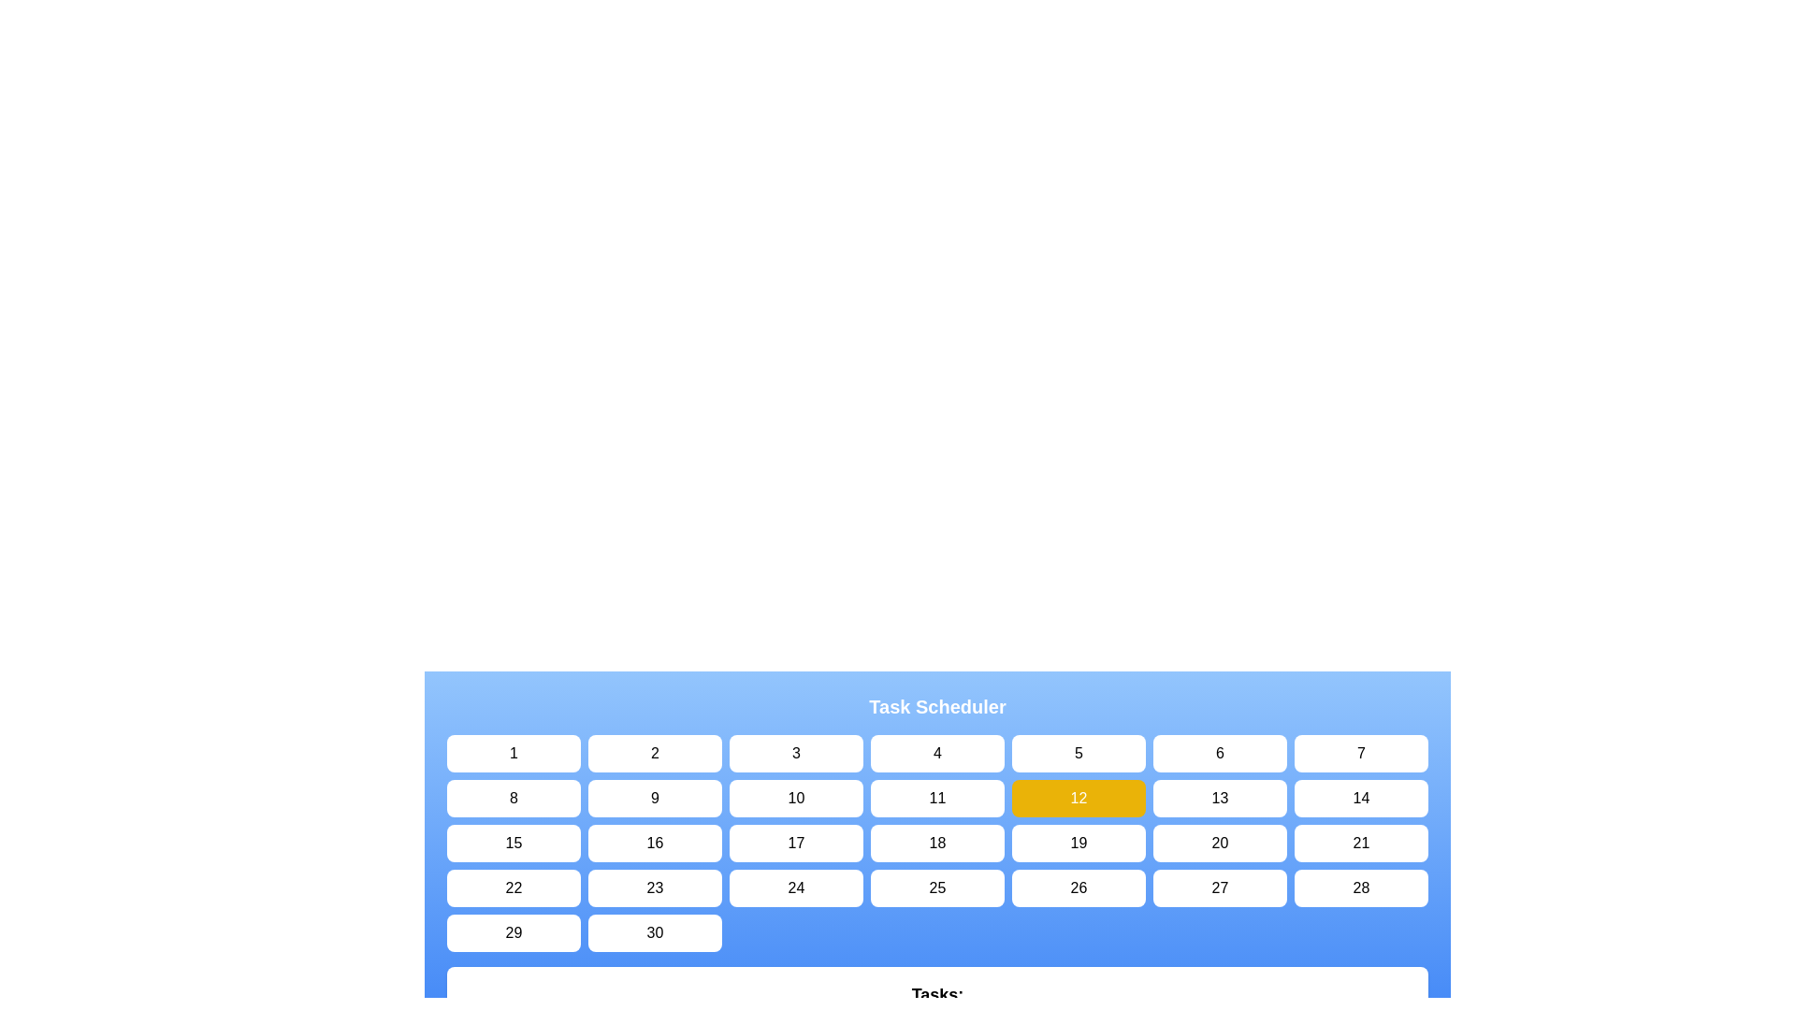 This screenshot has height=1010, width=1796. Describe the element at coordinates (1220, 753) in the screenshot. I see `the number 6 button in the grid layout` at that location.